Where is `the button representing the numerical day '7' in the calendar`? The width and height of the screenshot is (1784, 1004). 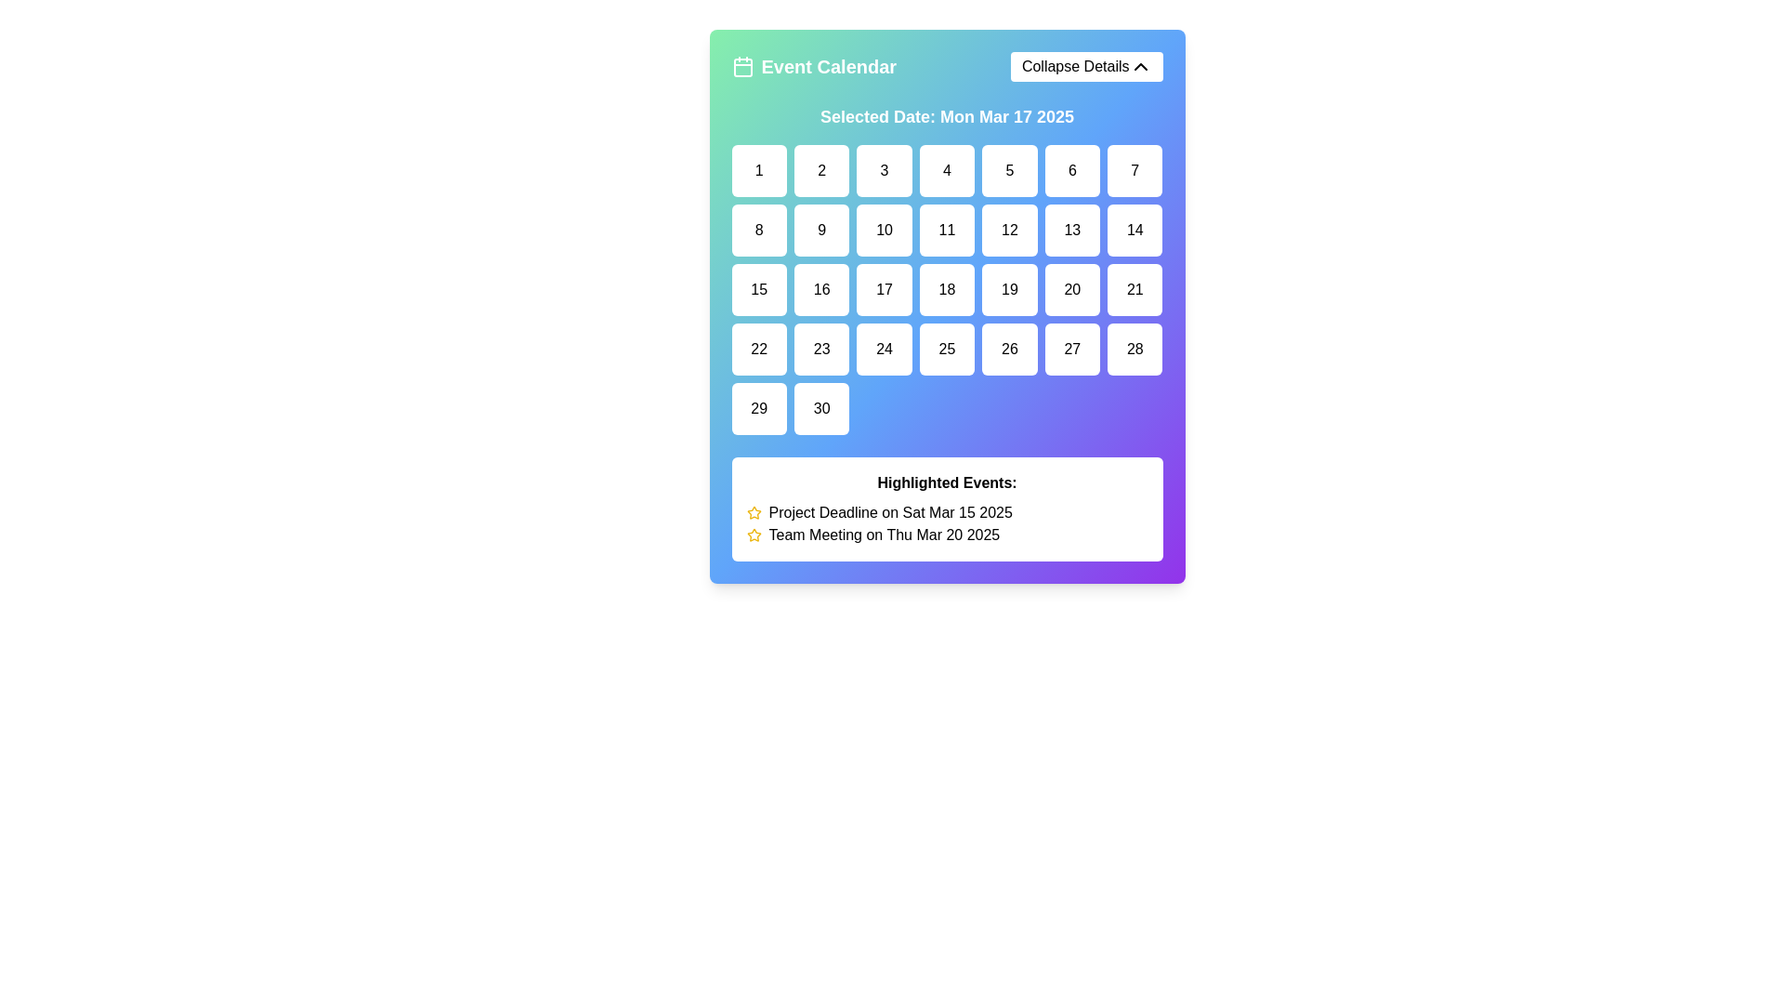 the button representing the numerical day '7' in the calendar is located at coordinates (1134, 171).